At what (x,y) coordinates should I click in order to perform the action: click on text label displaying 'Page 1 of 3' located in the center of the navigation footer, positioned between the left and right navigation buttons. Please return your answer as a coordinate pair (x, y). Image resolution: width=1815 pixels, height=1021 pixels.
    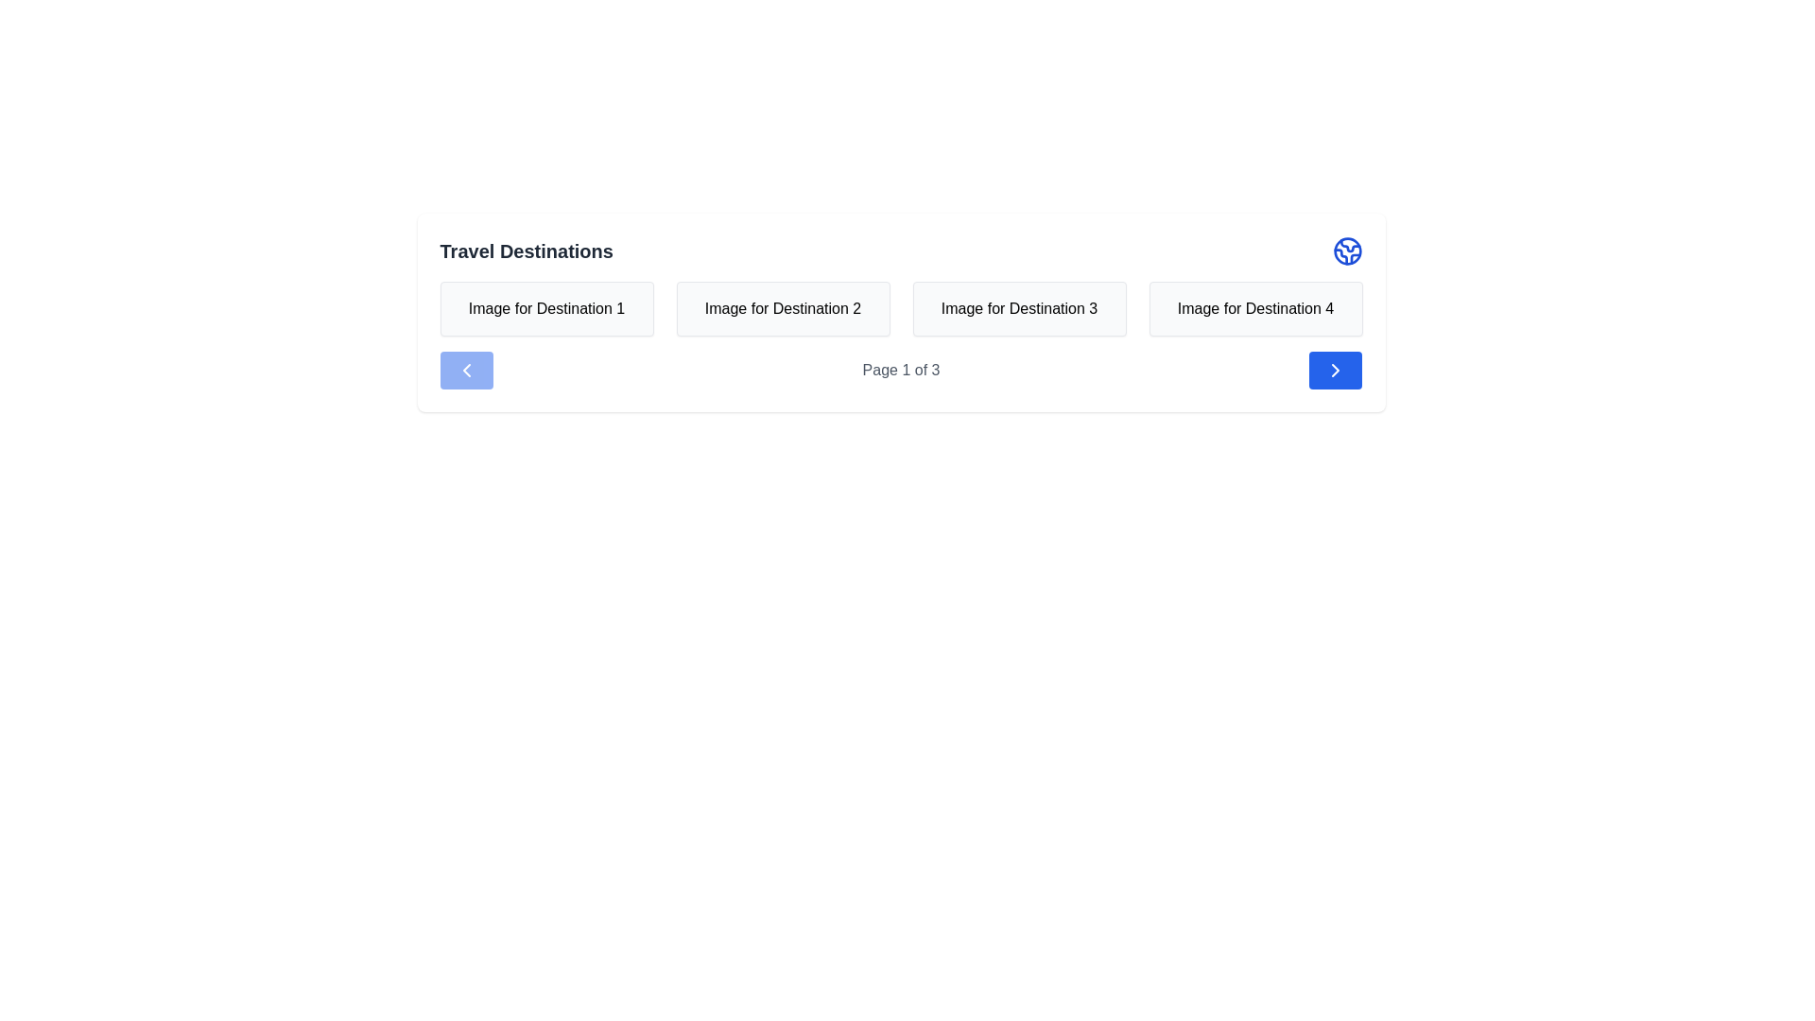
    Looking at the image, I should click on (900, 371).